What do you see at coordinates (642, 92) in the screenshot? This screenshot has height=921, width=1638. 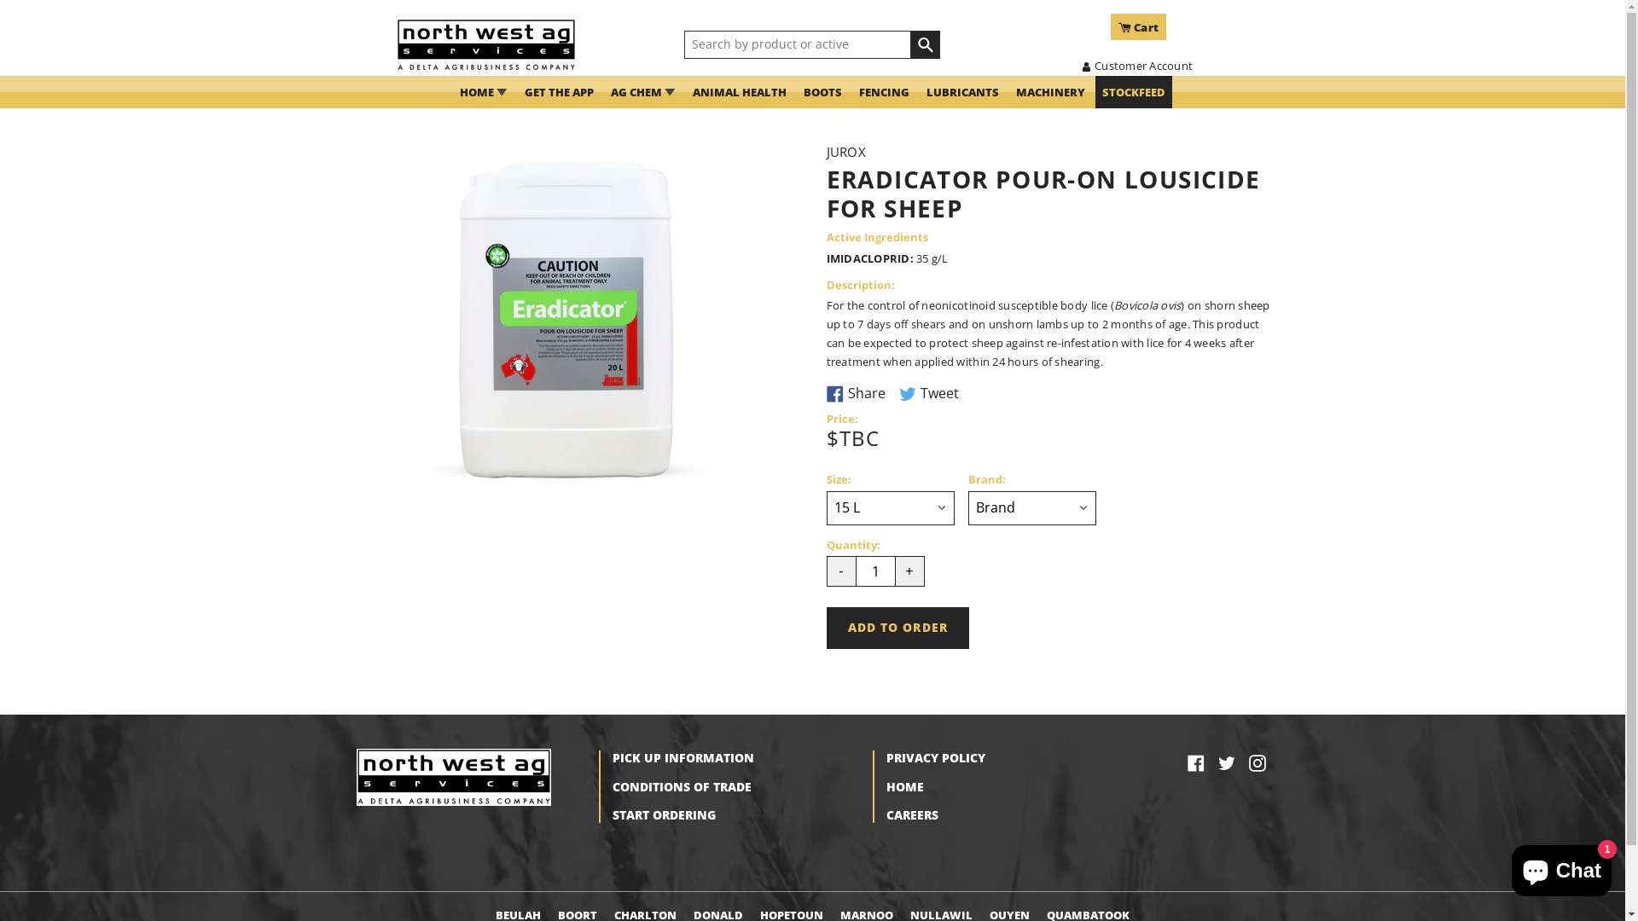 I see `'AG CHEM` at bounding box center [642, 92].